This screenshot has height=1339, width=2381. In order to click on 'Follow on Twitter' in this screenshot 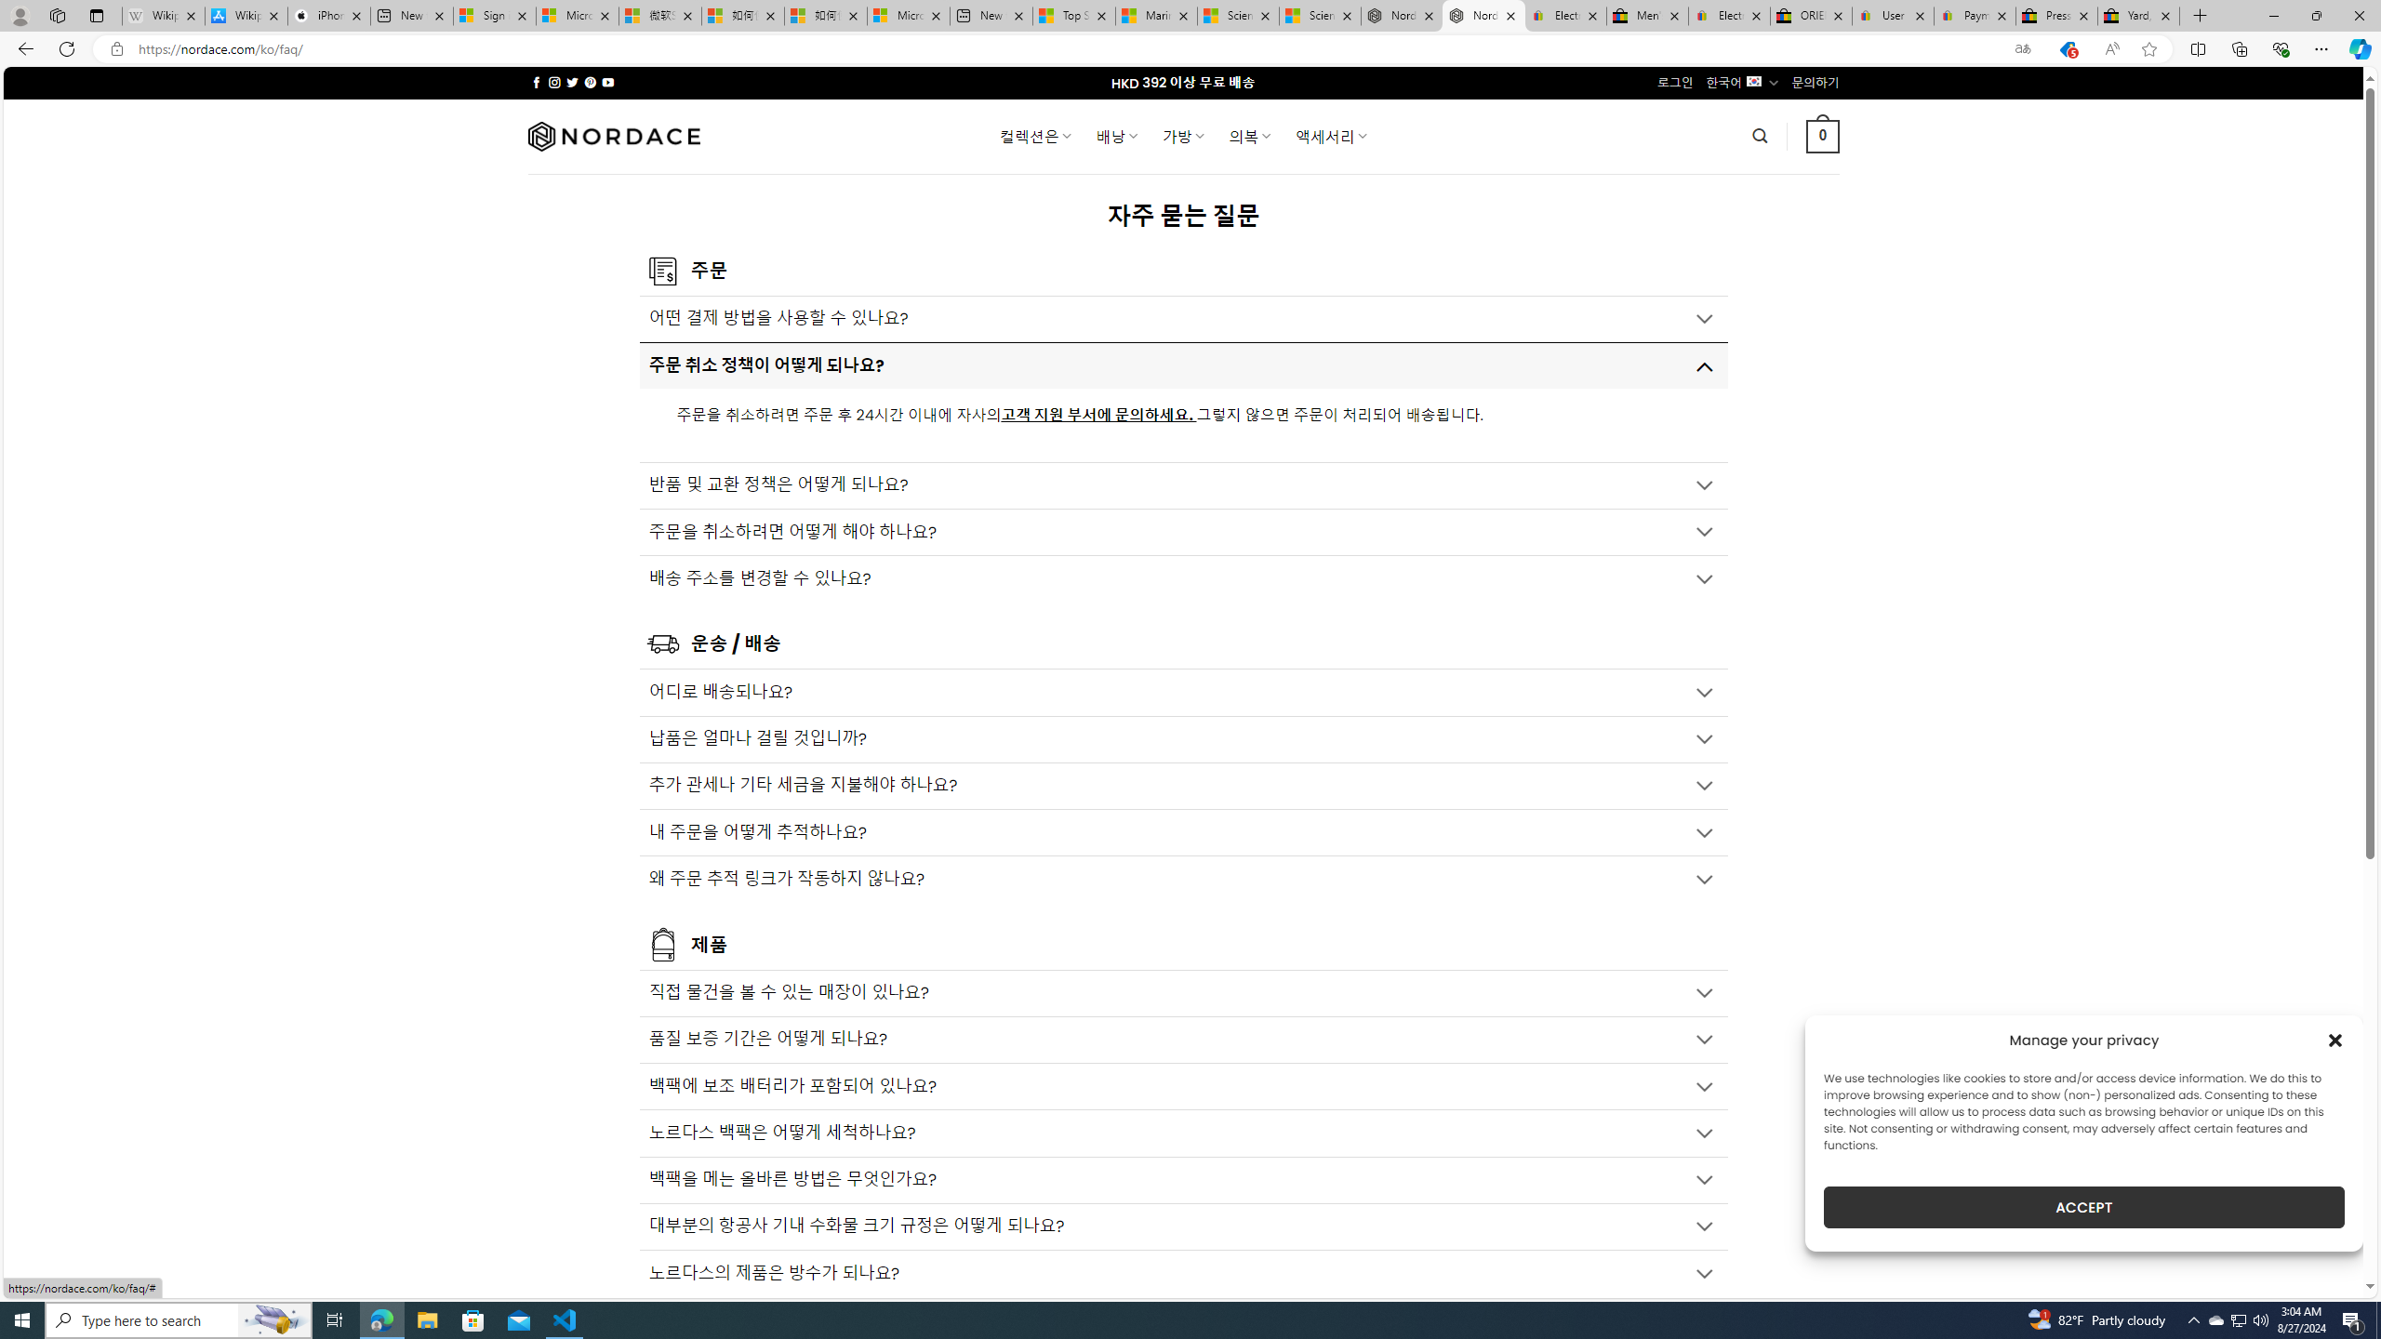, I will do `click(572, 82)`.